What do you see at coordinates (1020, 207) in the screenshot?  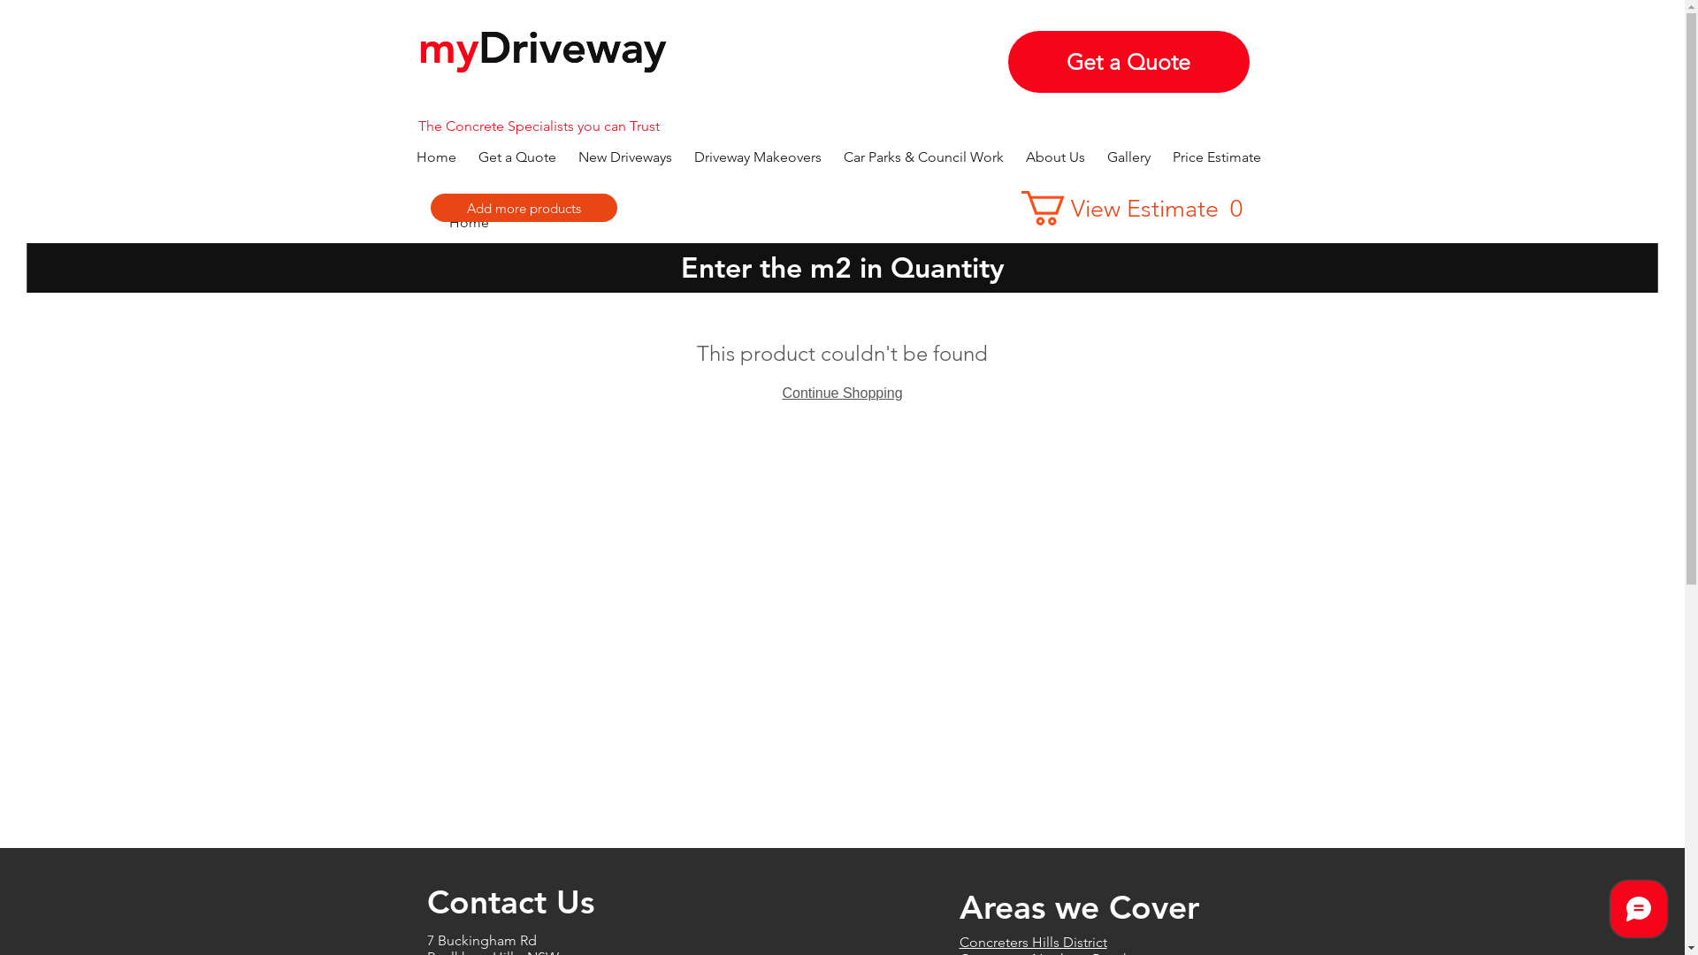 I see `'View Estimate` at bounding box center [1020, 207].